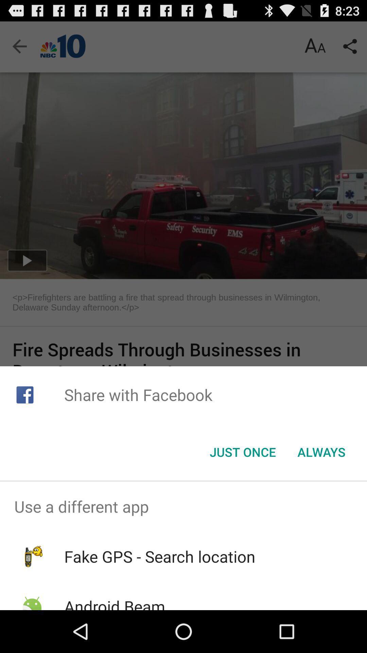 This screenshot has height=653, width=367. What do you see at coordinates (242, 452) in the screenshot?
I see `app below the share with facebook item` at bounding box center [242, 452].